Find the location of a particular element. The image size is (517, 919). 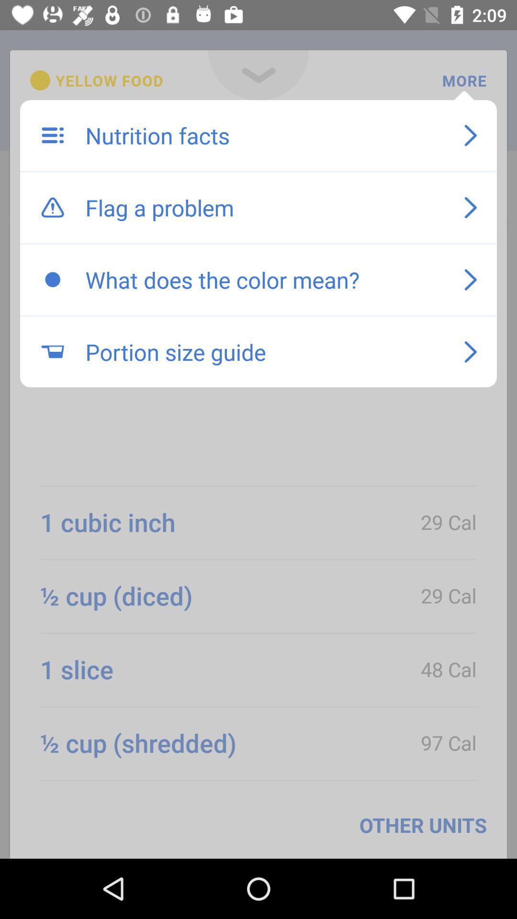

the flag a problem is located at coordinates (265, 207).